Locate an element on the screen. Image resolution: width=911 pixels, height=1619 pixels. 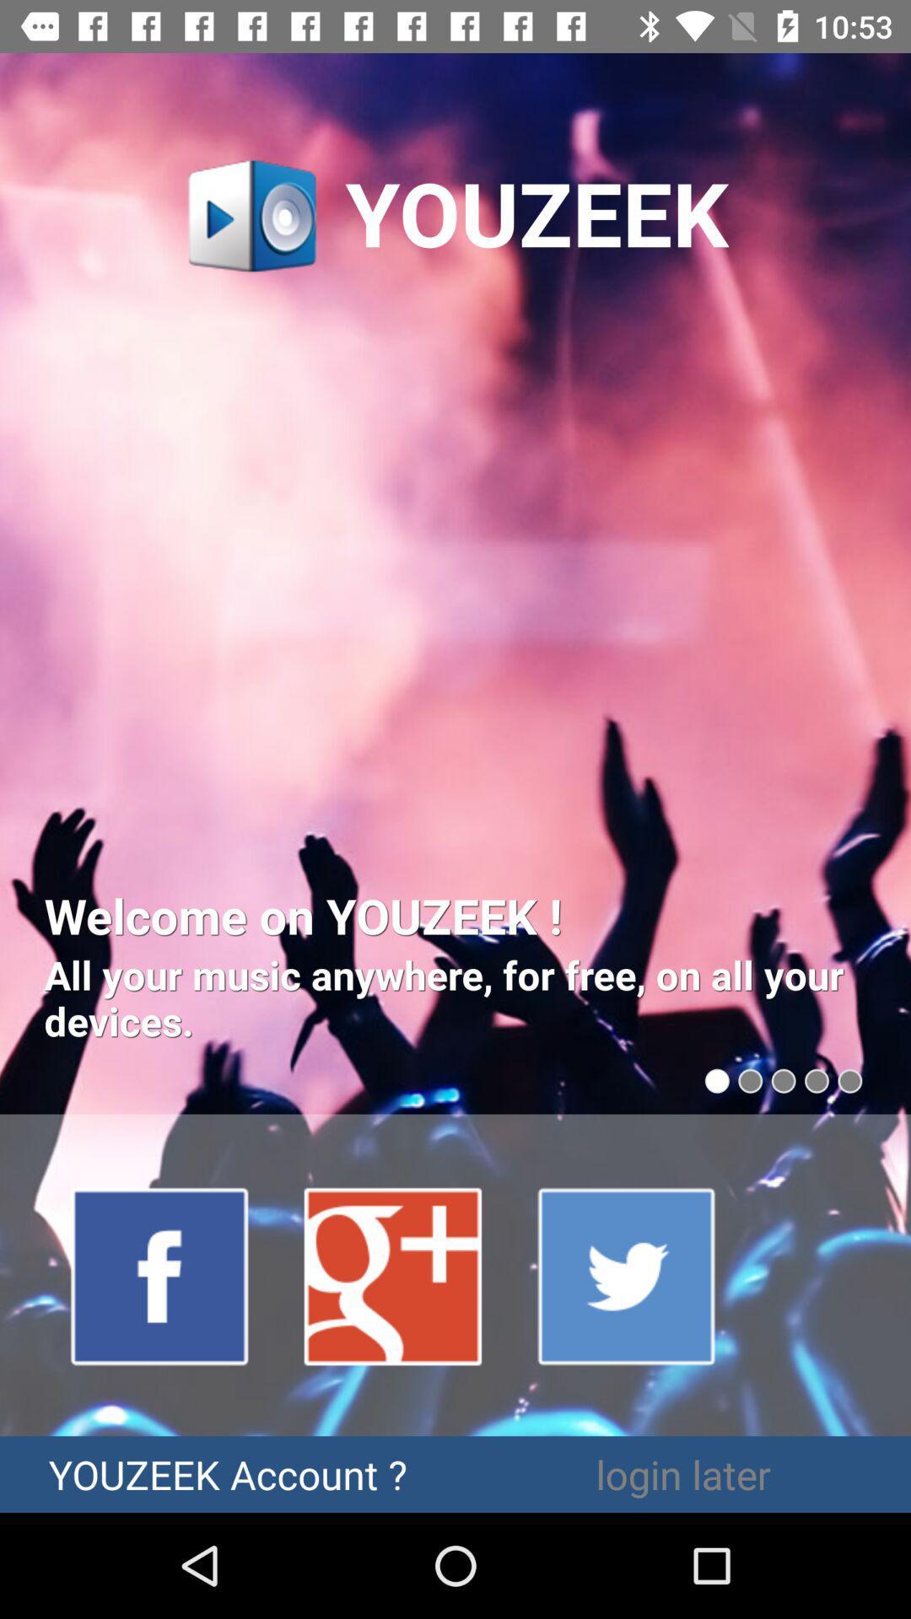
the icon above the youzeek account ? icon is located at coordinates (394, 1275).